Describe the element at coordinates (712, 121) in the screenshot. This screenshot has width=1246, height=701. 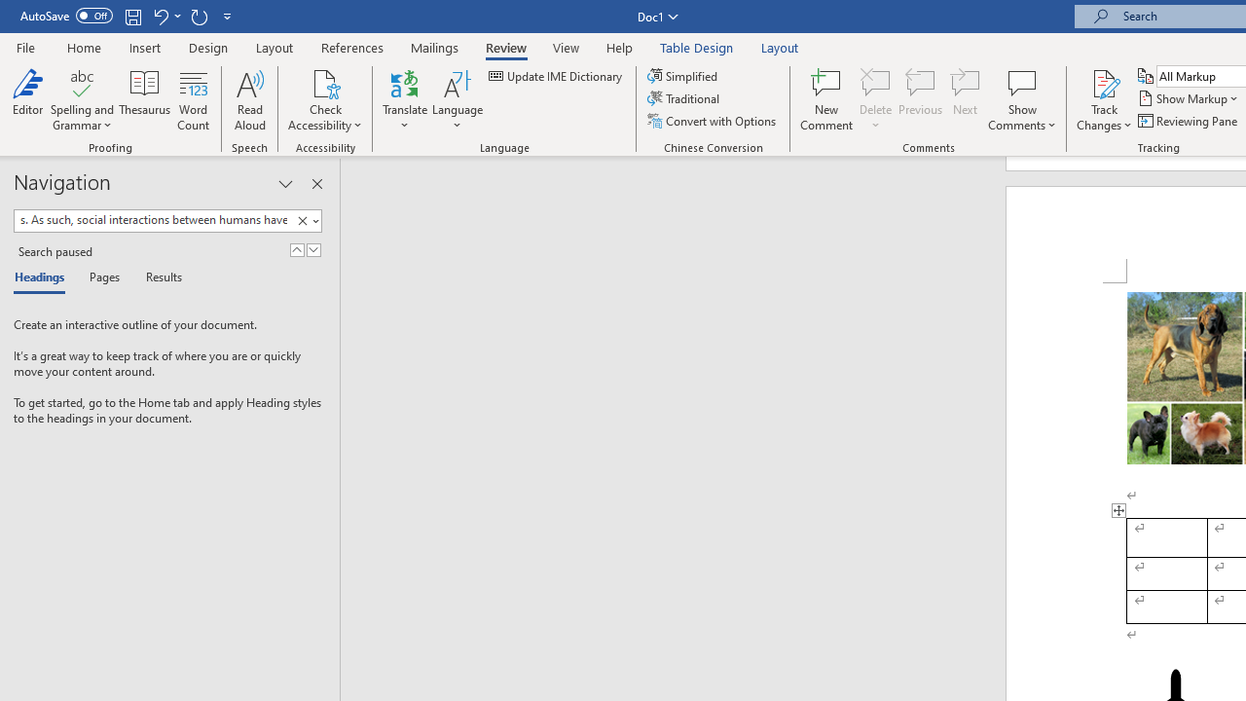
I see `'Convert with Options...'` at that location.